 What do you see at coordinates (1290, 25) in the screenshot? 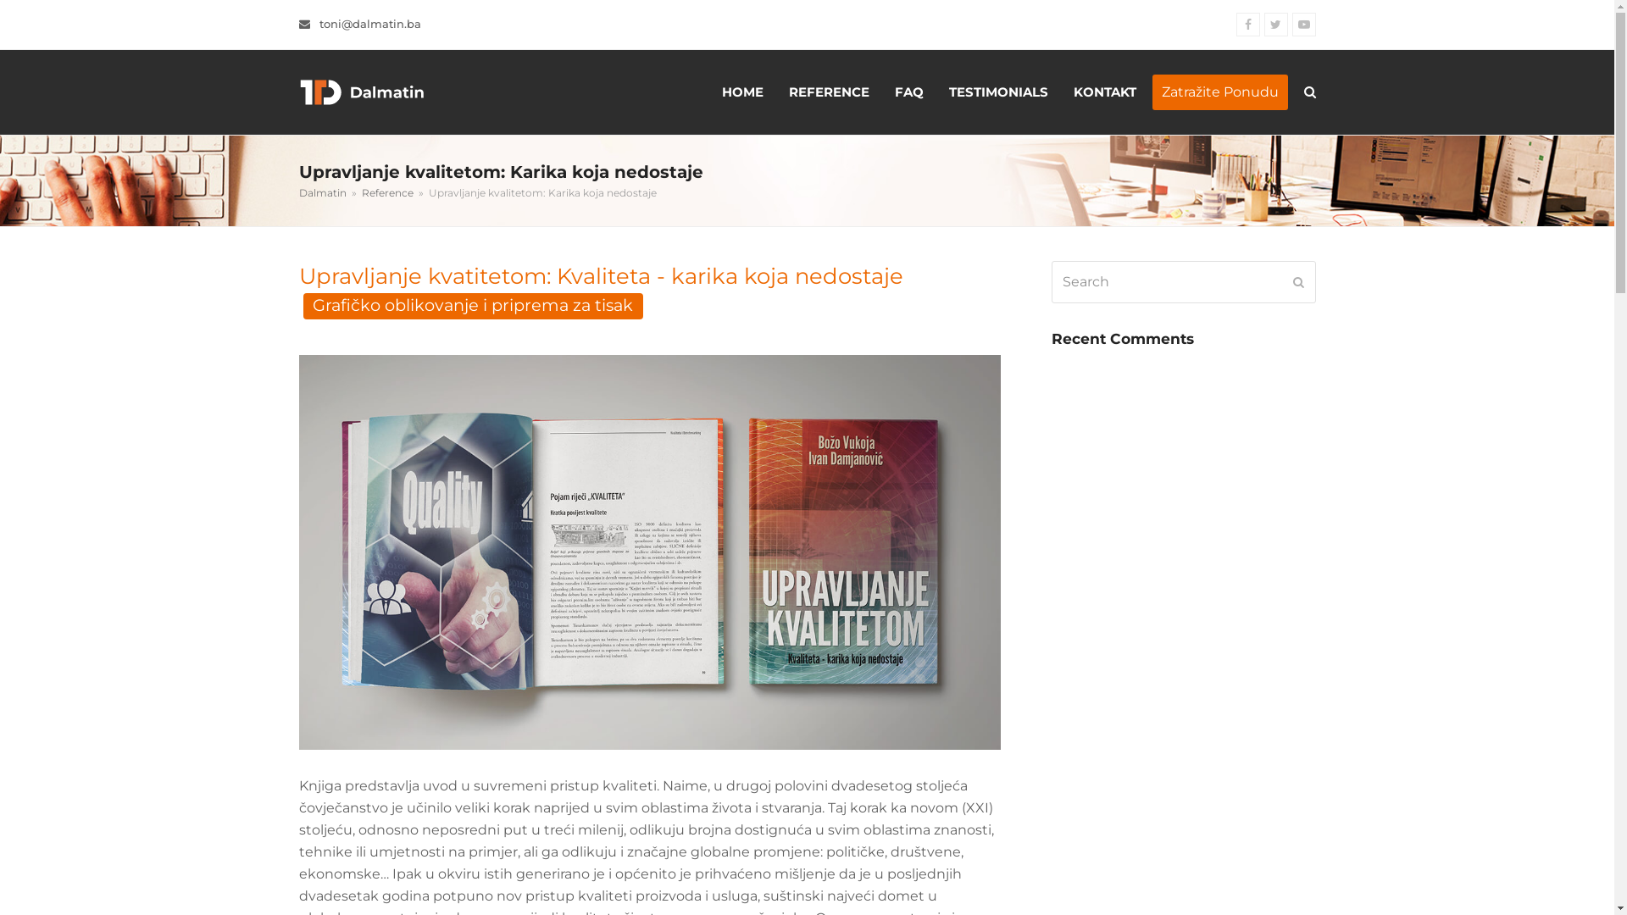
I see `'Youtube'` at bounding box center [1290, 25].